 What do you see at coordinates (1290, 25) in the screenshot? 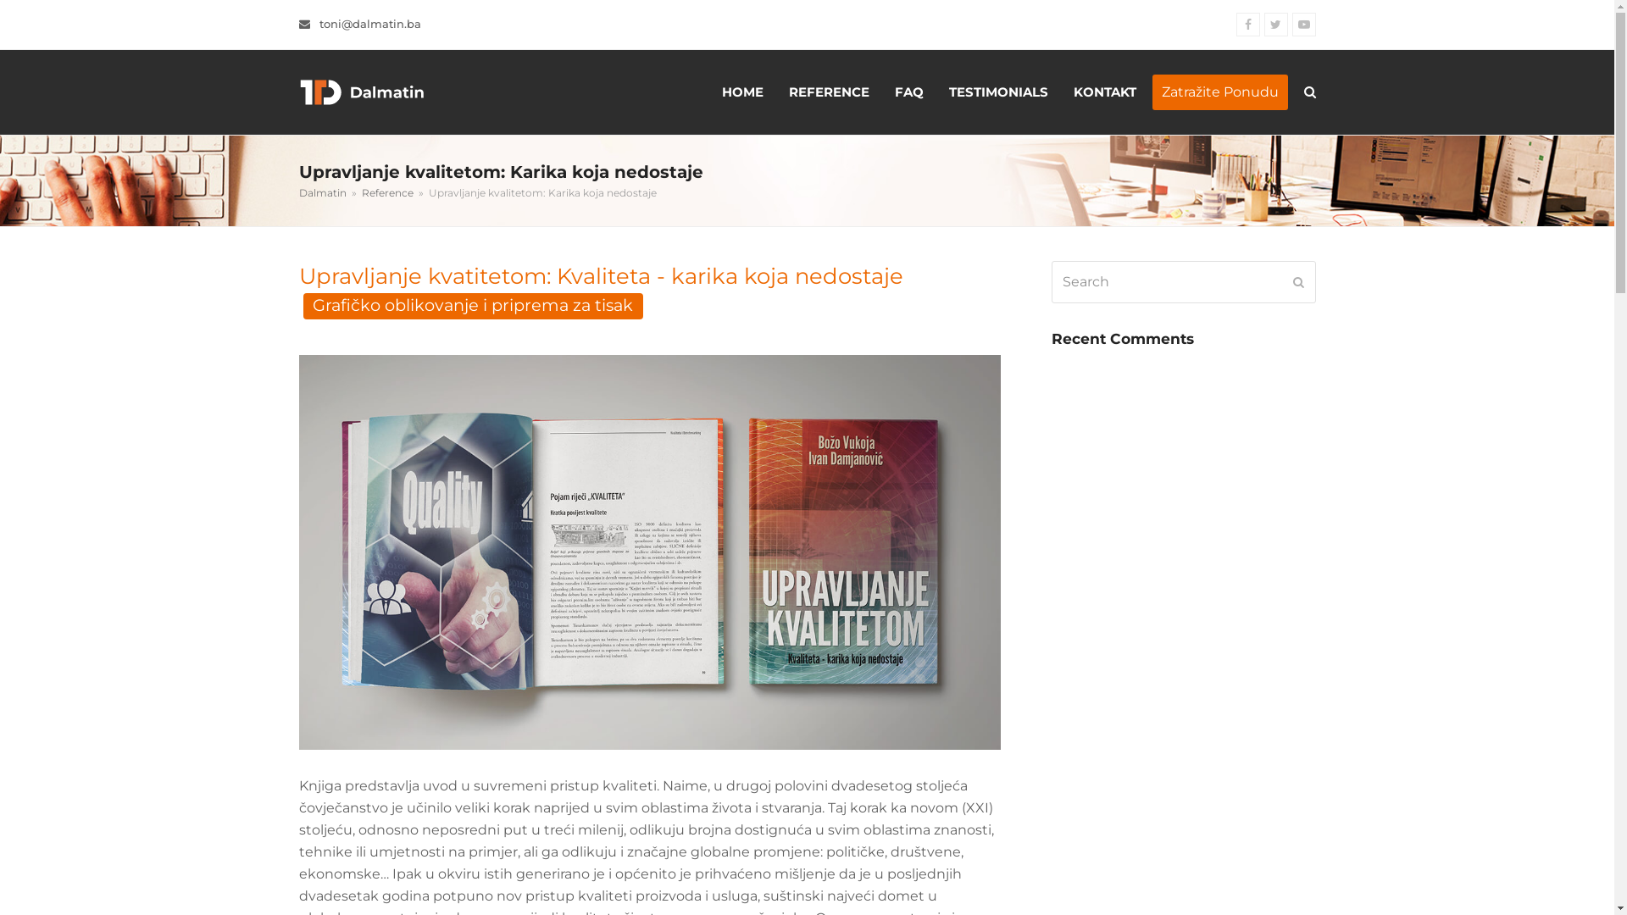
I see `'Youtube'` at bounding box center [1290, 25].